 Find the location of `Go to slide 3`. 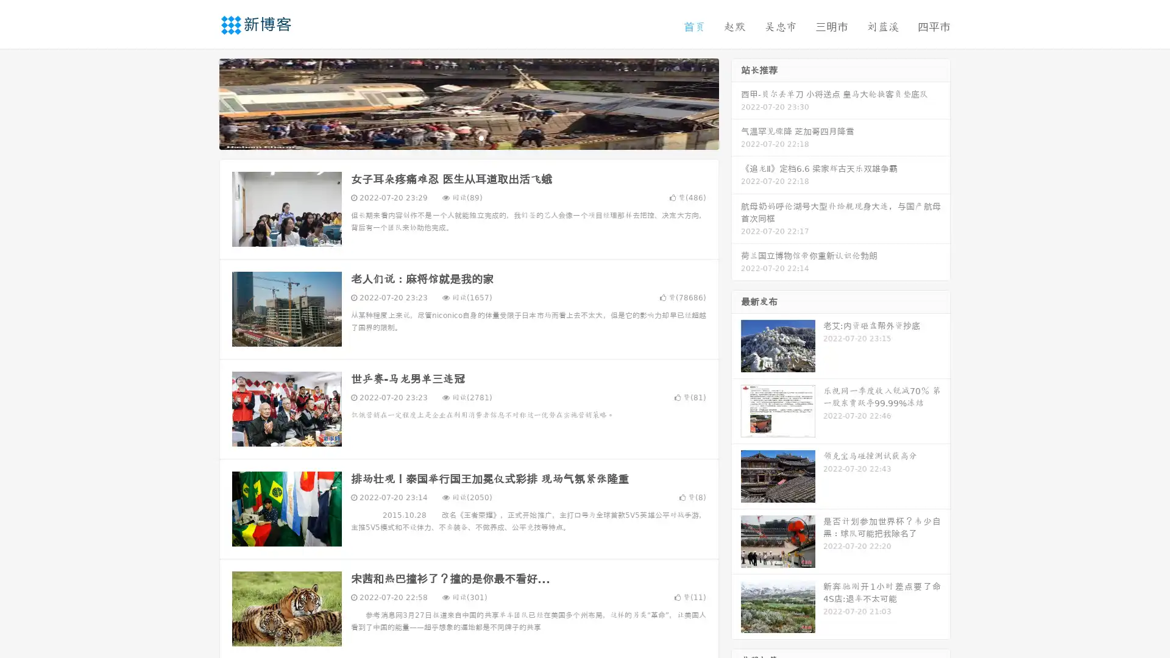

Go to slide 3 is located at coordinates (481, 137).